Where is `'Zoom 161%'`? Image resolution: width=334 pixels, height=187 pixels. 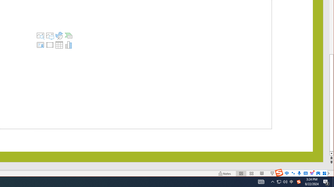
'Zoom 161%' is located at coordinates (319, 173).